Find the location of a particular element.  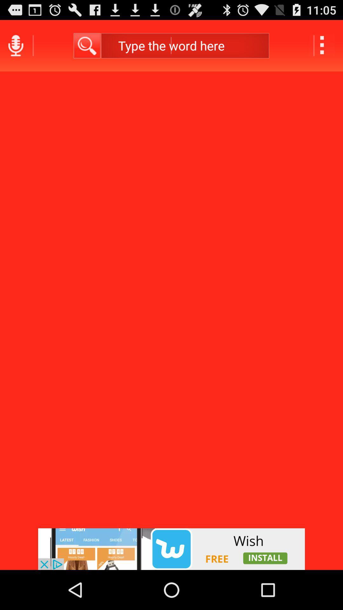

record button is located at coordinates (15, 45).